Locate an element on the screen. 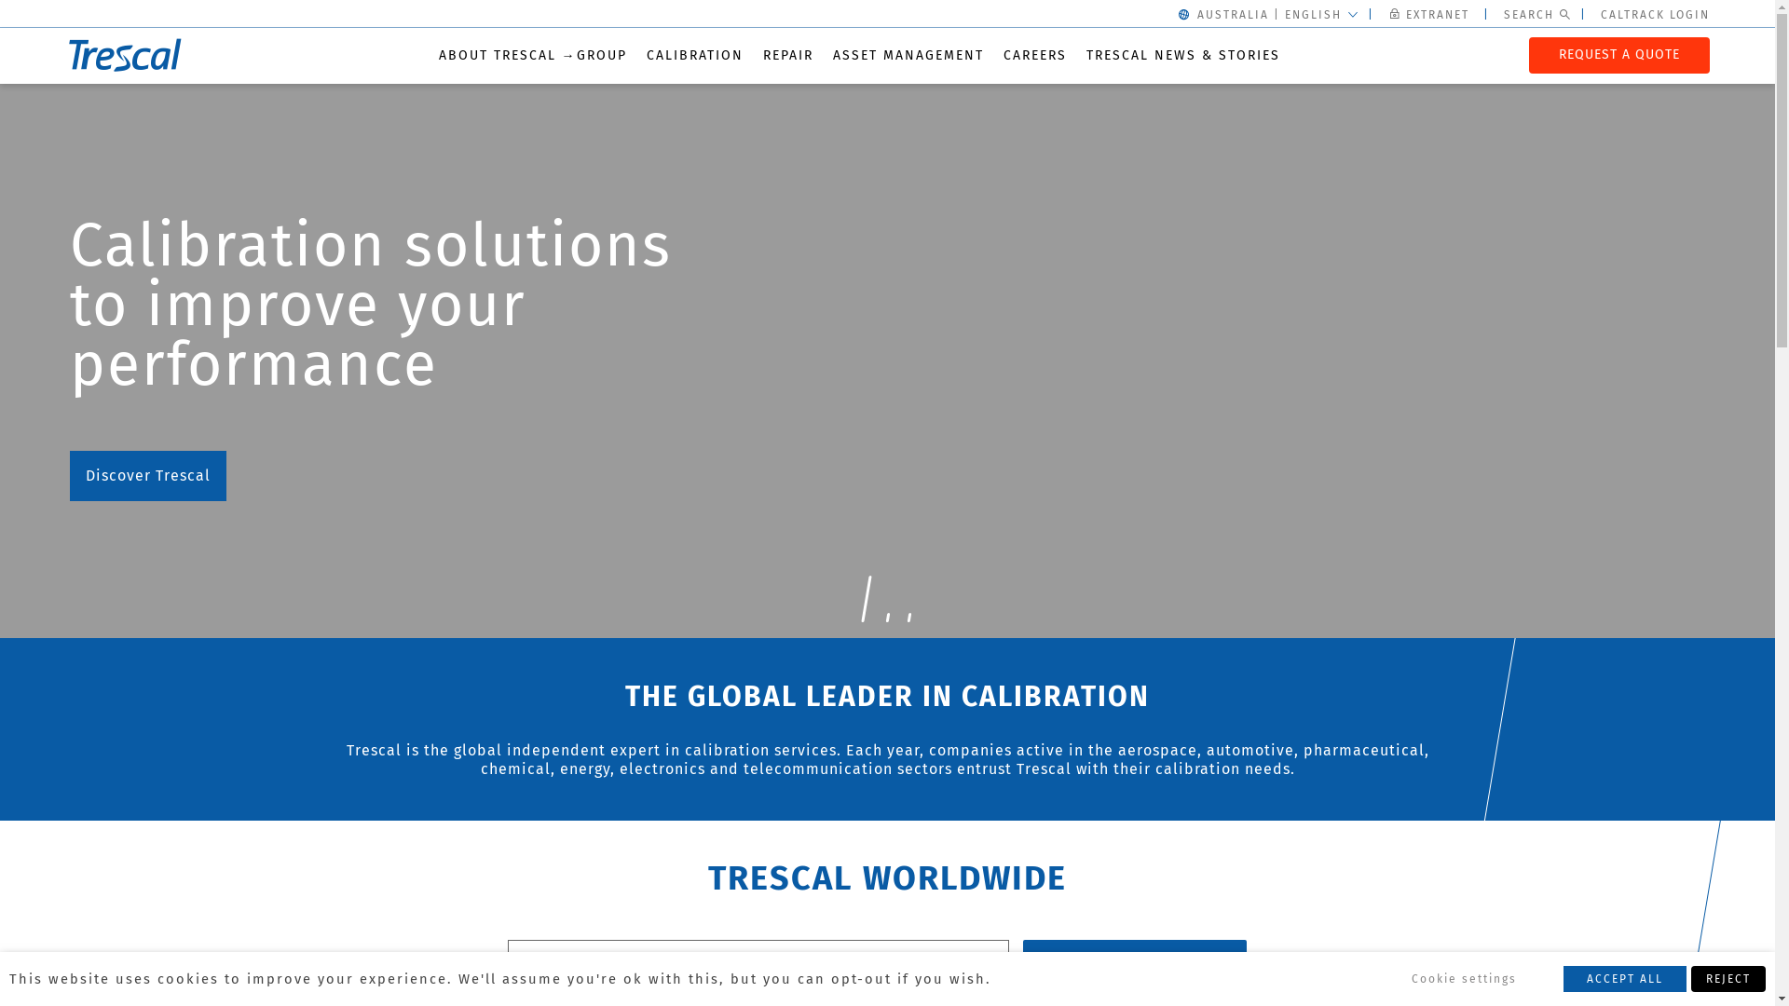 Image resolution: width=1789 pixels, height=1006 pixels. 'Discover our job offers' is located at coordinates (171, 415).